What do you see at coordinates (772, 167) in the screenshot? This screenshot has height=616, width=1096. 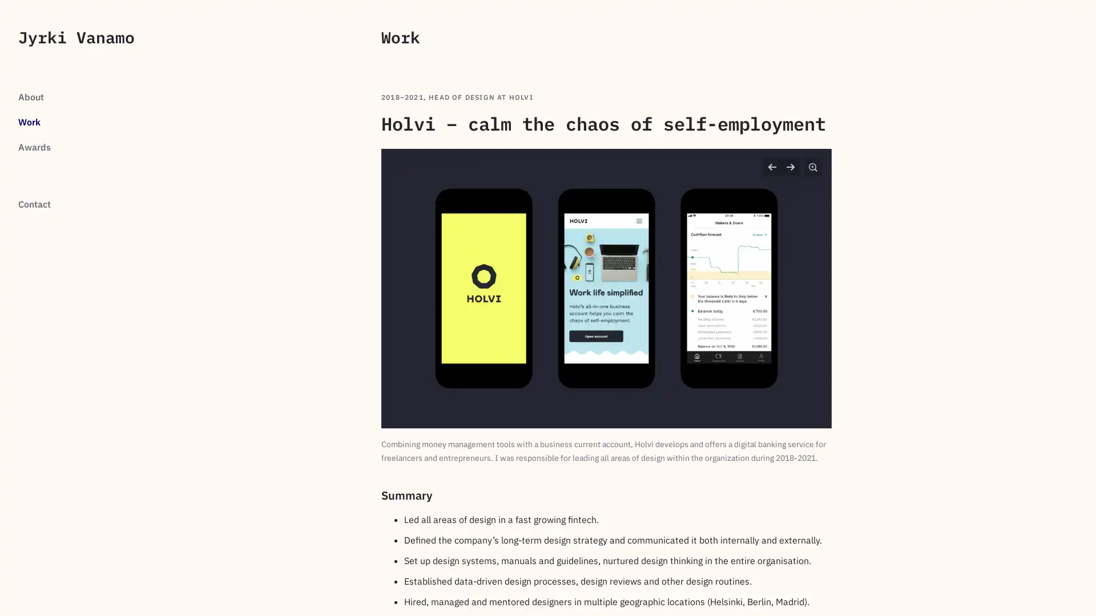 I see `Previous slide` at bounding box center [772, 167].